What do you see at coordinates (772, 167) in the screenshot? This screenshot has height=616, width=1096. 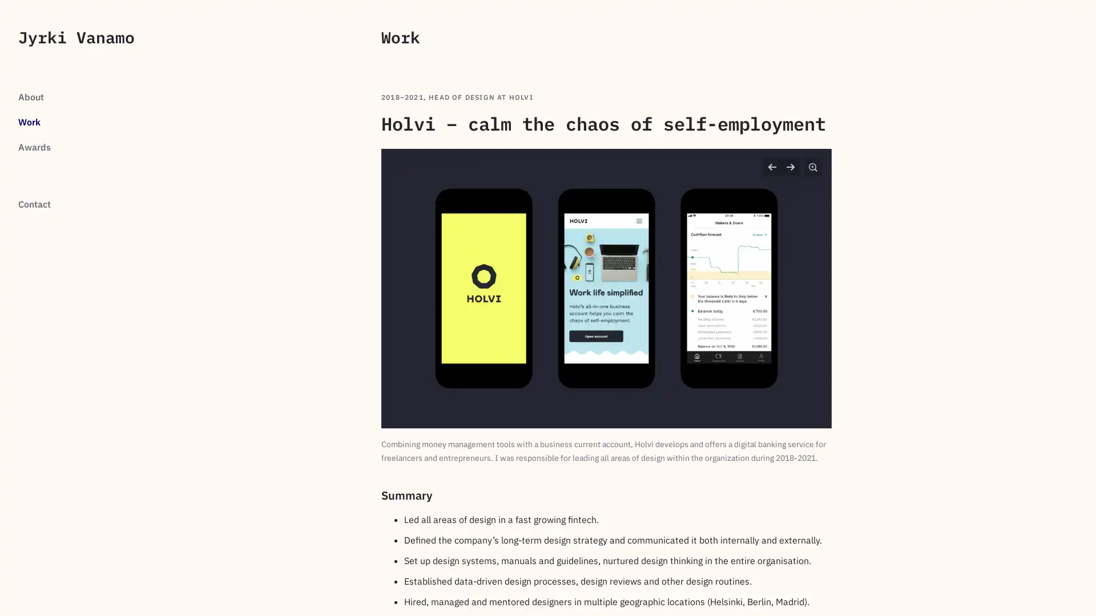 I see `Previous slide` at bounding box center [772, 167].